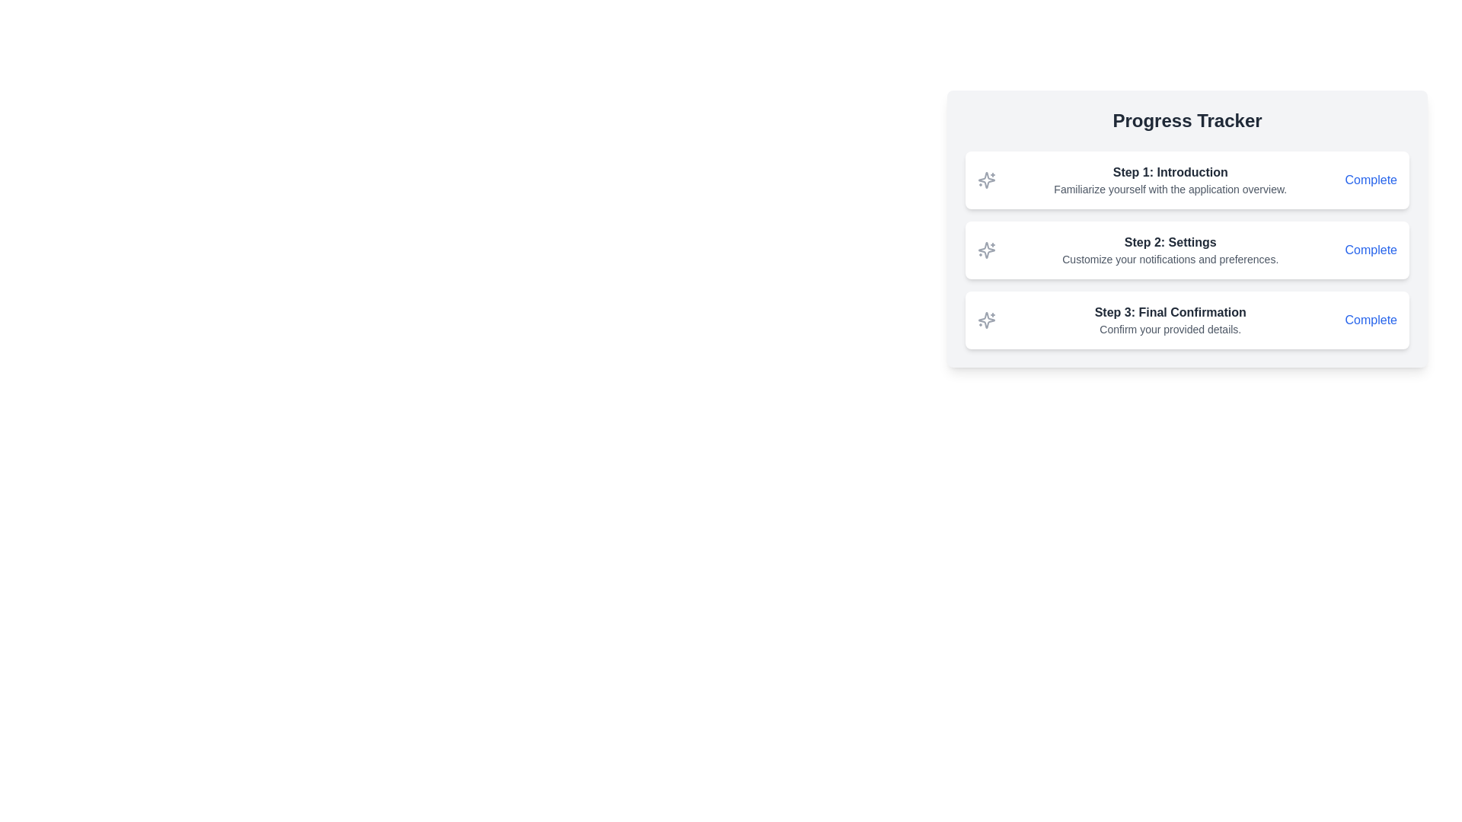  I want to click on instructional text in the third card of the progress tracker, which guides users through the confirmation phase of the process, so click(1170, 319).